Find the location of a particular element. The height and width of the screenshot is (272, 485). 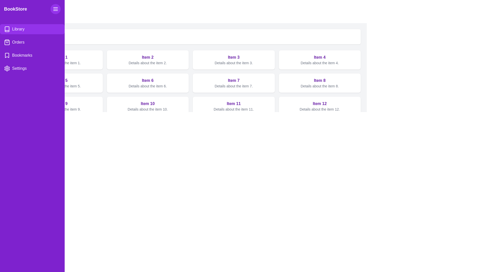

the 'Bookmarks' text label in the navigation menu, which is styled in white sans-serif font on a purple background and is the third item in the list is located at coordinates (22, 55).